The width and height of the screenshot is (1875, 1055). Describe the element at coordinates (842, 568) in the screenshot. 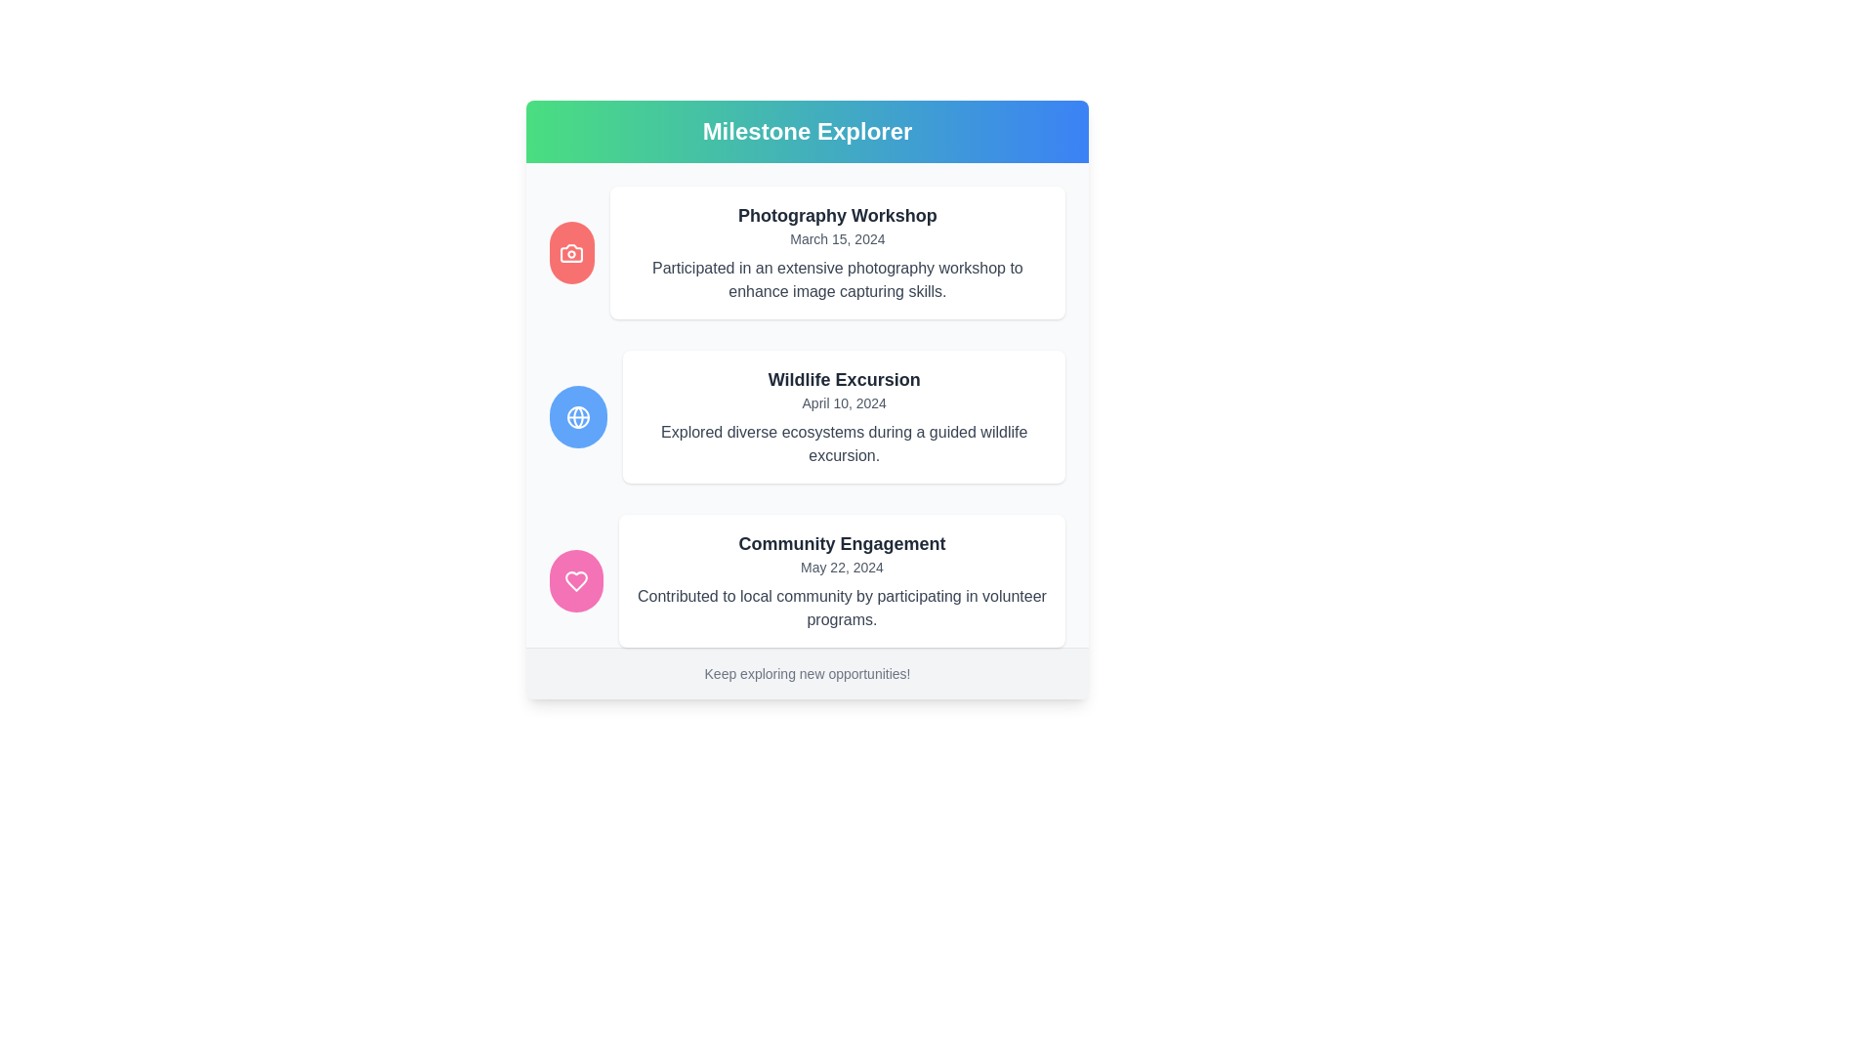

I see `the text displaying the date associated with the event or activity described in the 'Community Engagement' card, located below the title and centrally aligned` at that location.